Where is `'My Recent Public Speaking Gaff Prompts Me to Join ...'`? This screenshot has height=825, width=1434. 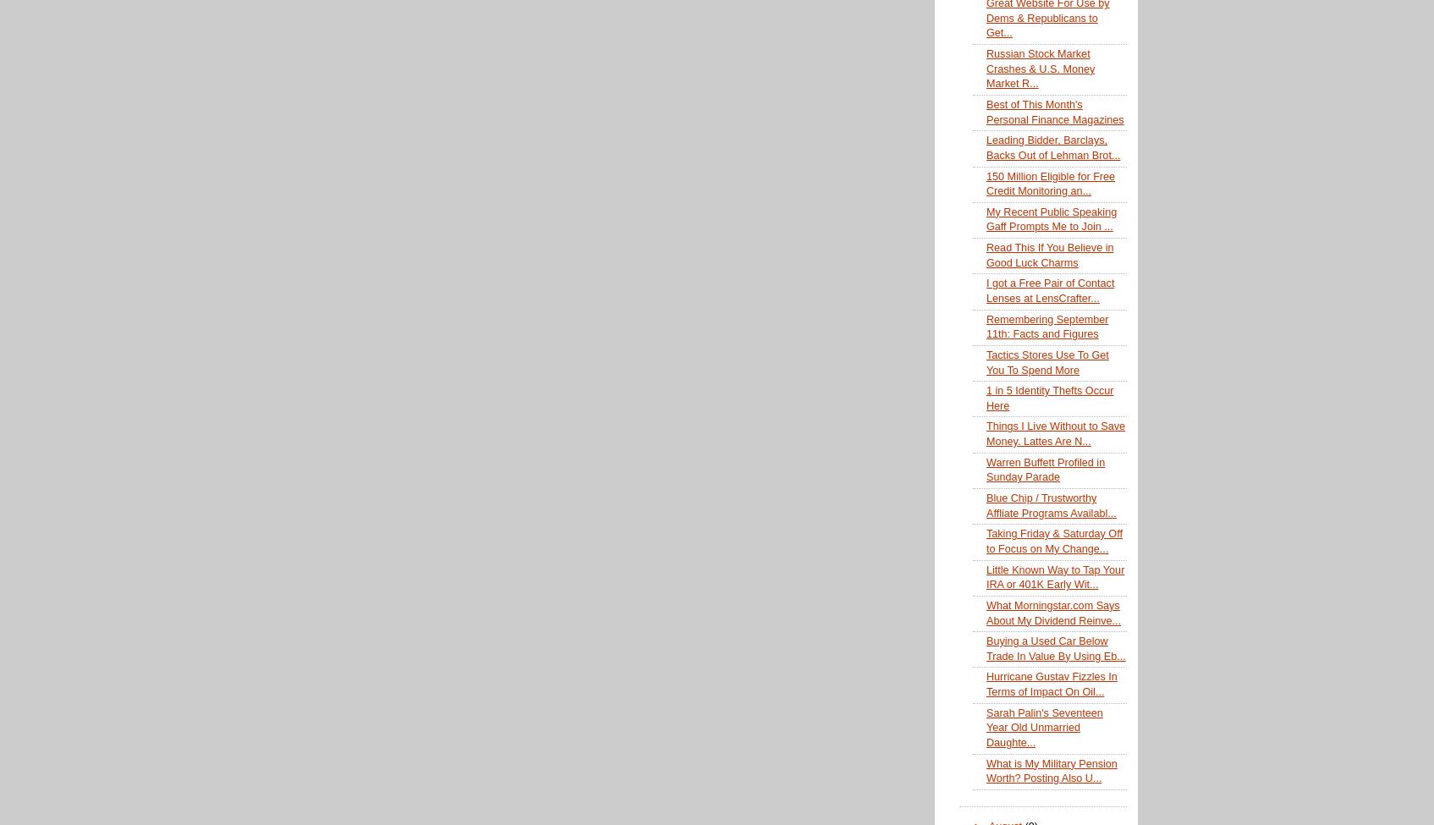
'My Recent Public Speaking Gaff Prompts Me to Join ...' is located at coordinates (1050, 218).